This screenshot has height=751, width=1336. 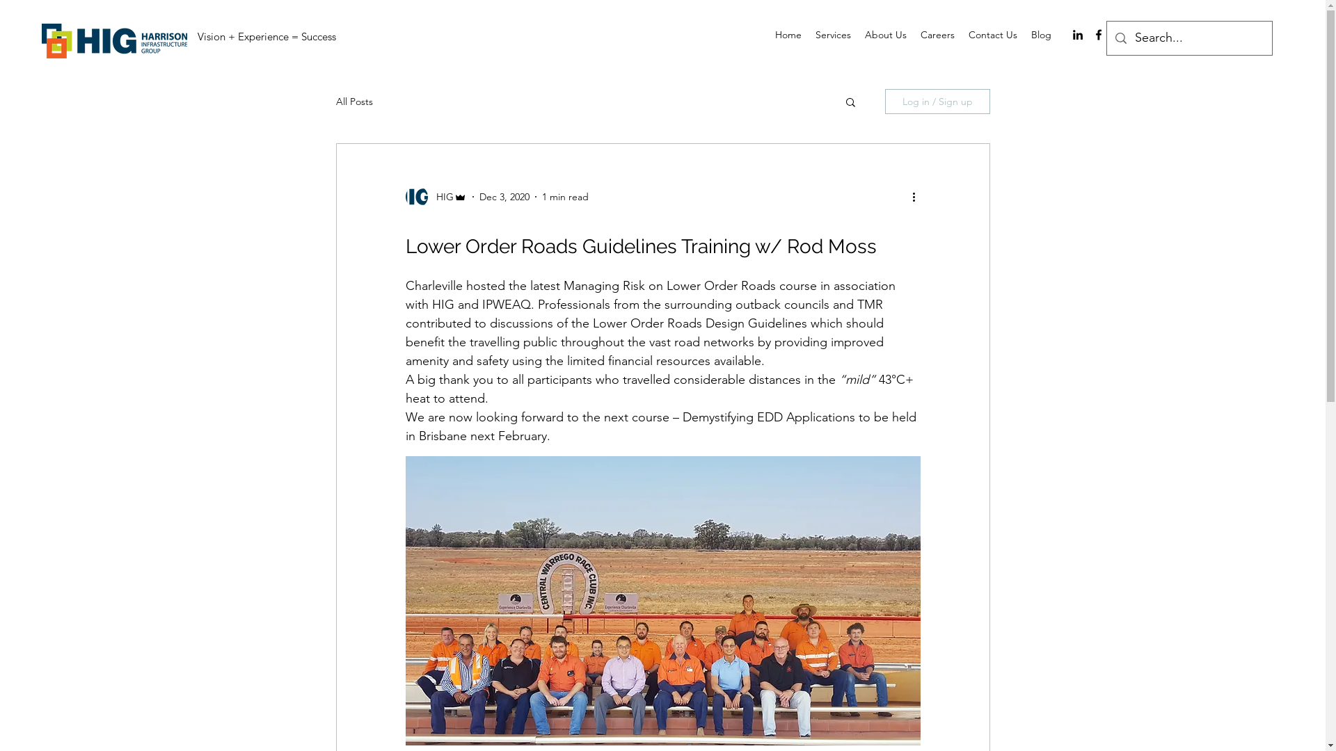 I want to click on 'Log in / Sign up', so click(x=937, y=101).